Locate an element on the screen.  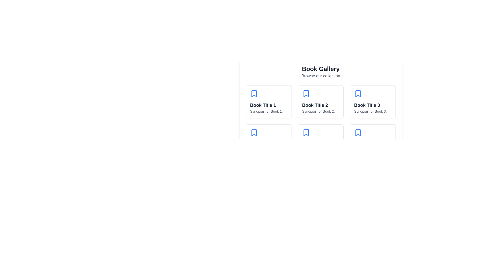
the card displaying information about a book, located in the first row, third column of the grid layout is located at coordinates (373, 102).